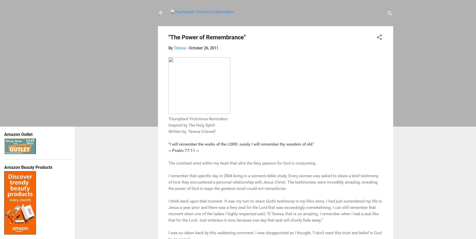 This screenshot has height=239, width=476. Describe the element at coordinates (183, 150) in the screenshot. I see `'~ Psalm 77:11 ~'` at that location.